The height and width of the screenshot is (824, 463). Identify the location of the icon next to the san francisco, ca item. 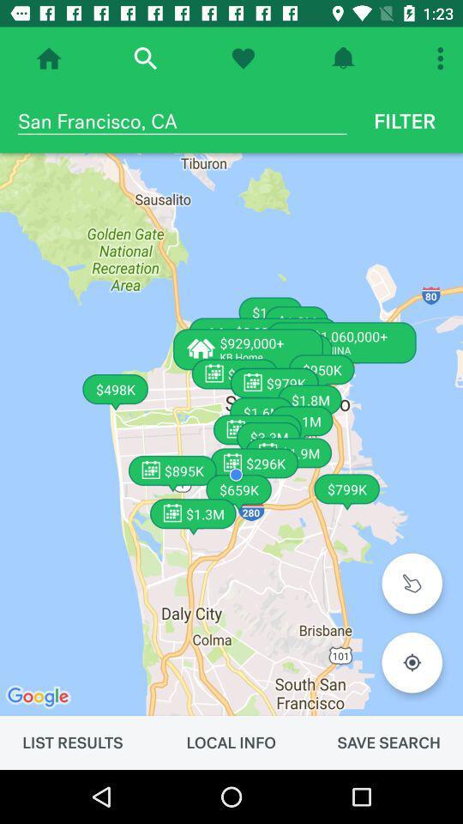
(405, 120).